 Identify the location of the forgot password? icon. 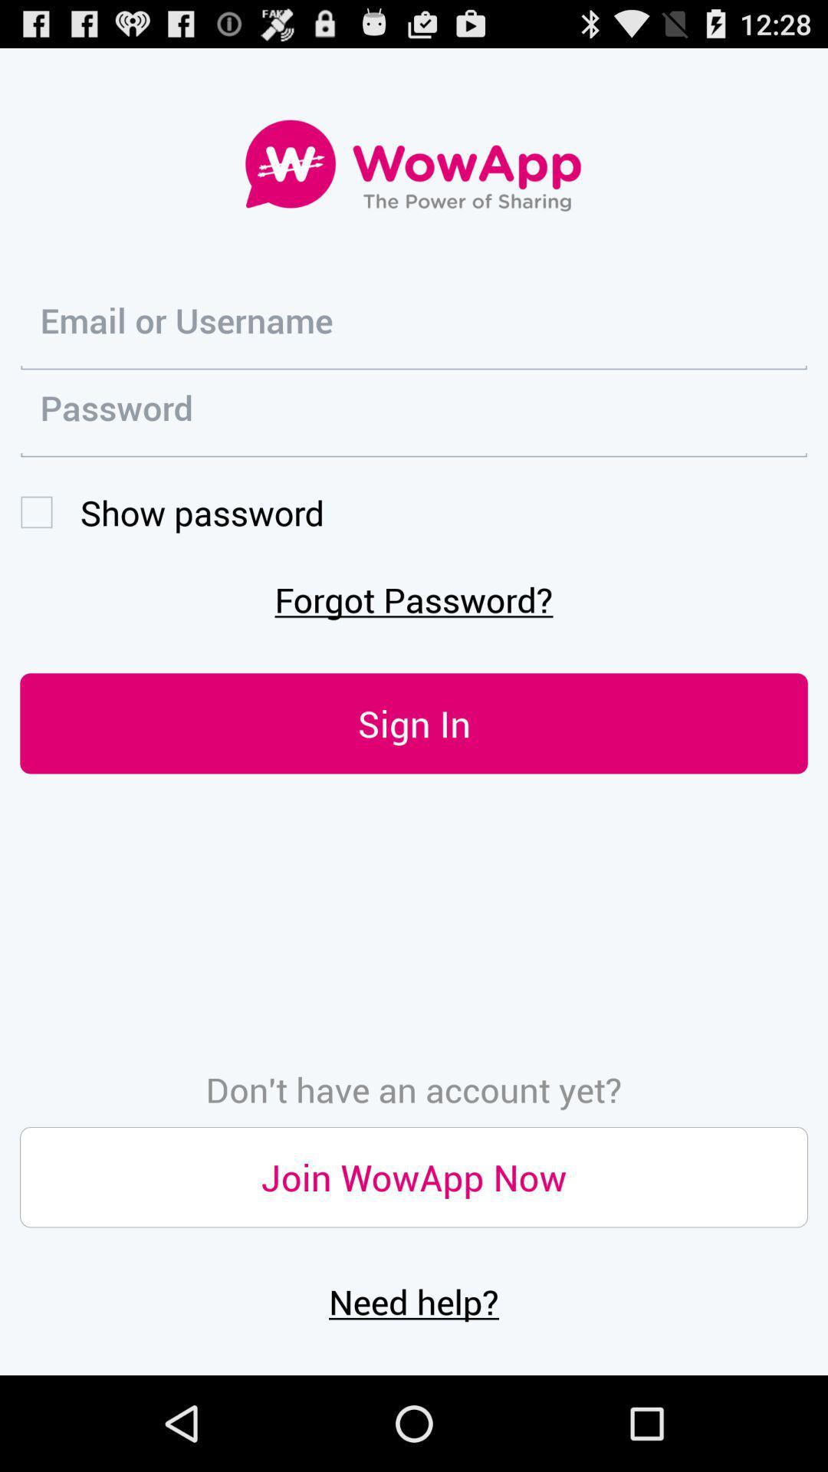
(414, 598).